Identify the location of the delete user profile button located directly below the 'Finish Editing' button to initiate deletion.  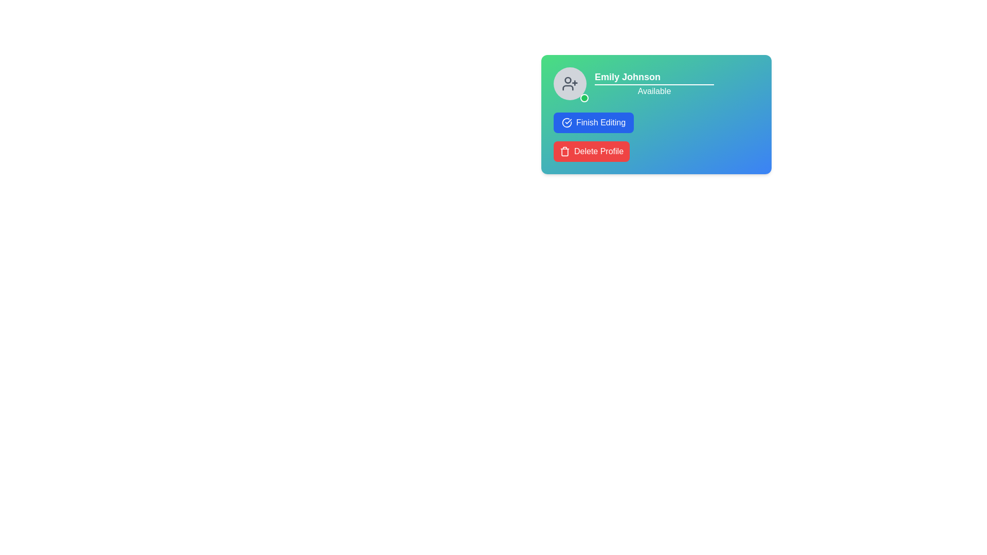
(592, 151).